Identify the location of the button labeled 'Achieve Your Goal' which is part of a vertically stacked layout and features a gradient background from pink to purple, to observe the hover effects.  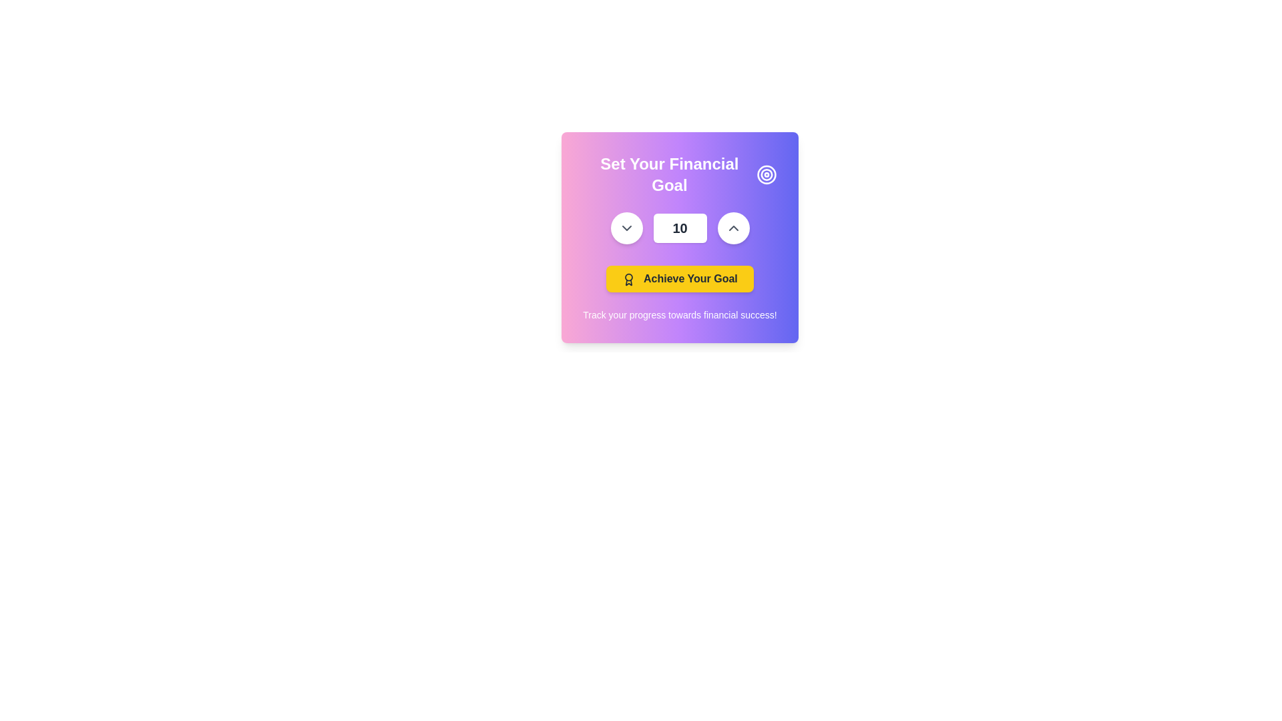
(680, 252).